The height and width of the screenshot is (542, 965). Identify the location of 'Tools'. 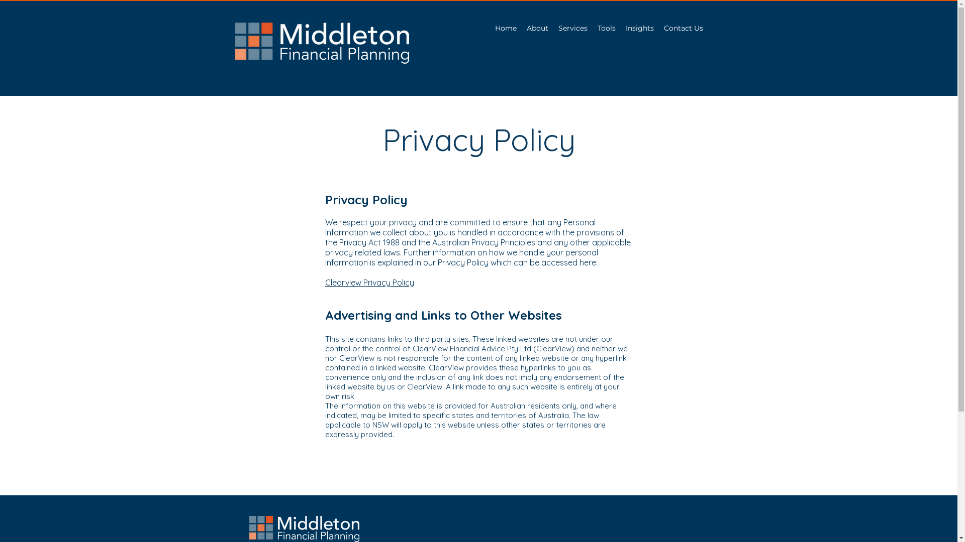
(592, 28).